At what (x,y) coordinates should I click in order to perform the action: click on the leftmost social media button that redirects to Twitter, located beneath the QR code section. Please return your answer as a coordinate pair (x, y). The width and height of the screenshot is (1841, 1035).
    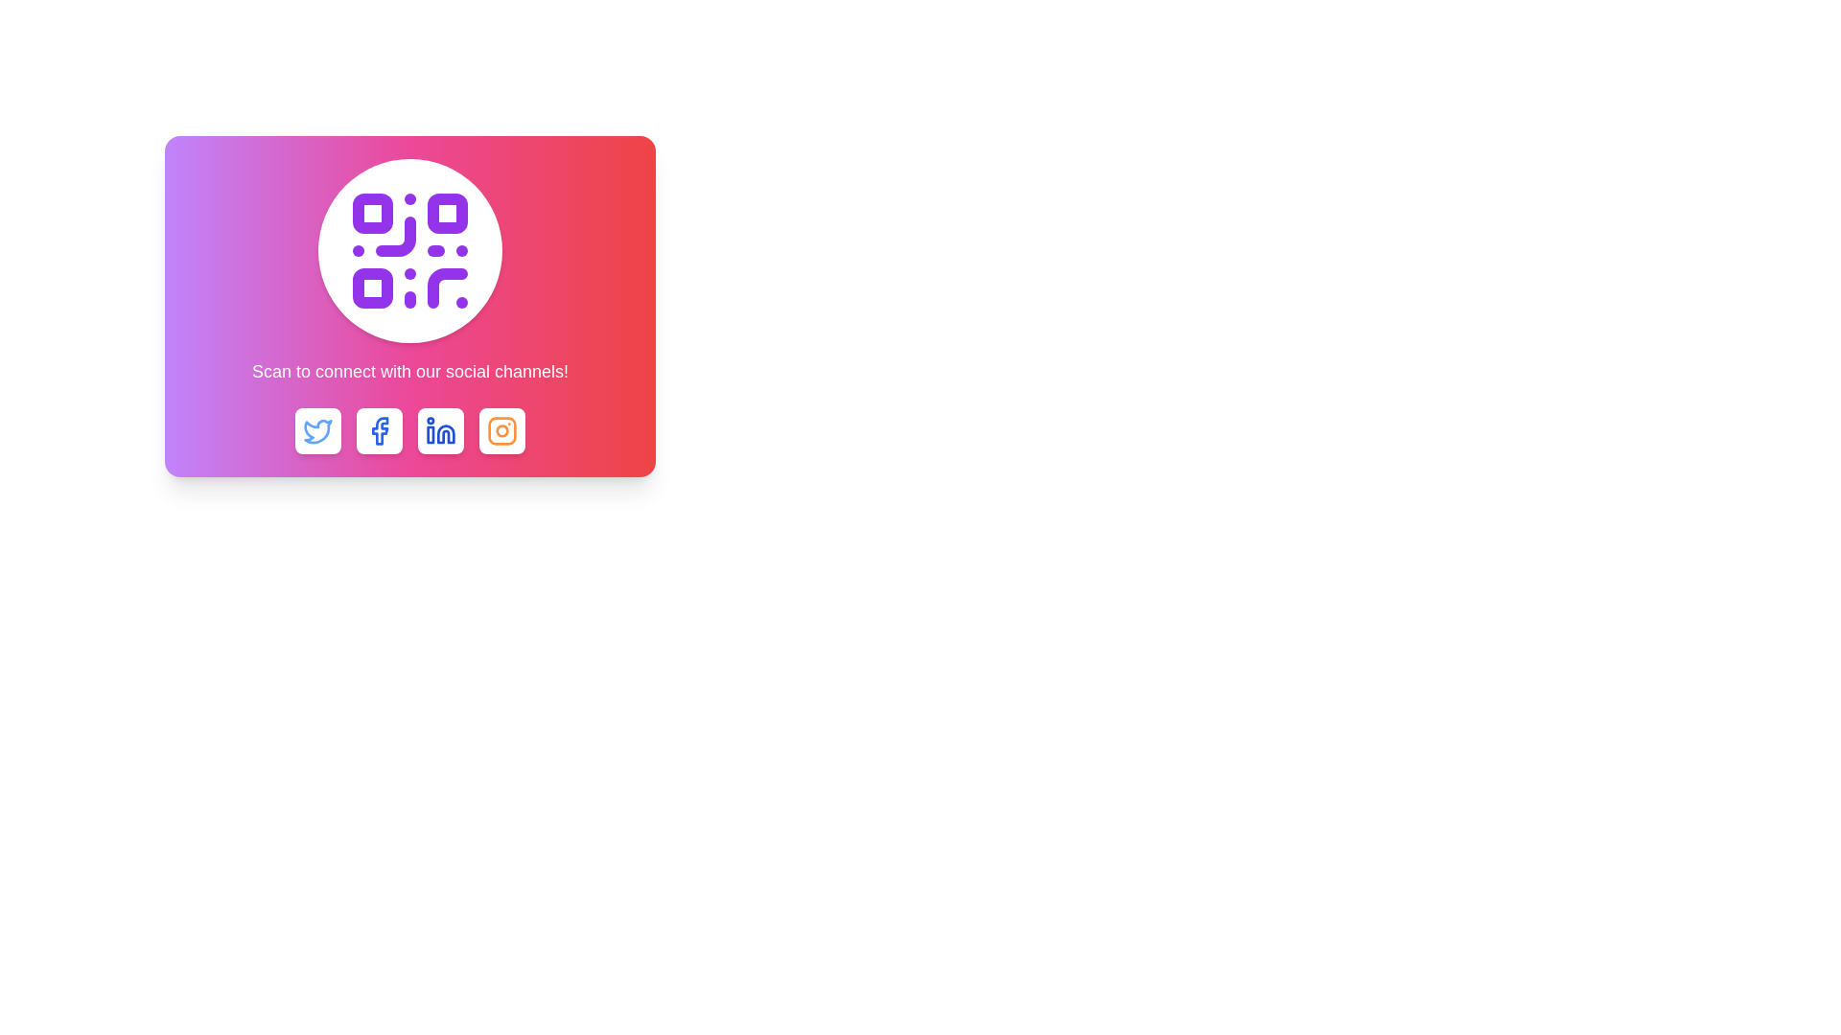
    Looking at the image, I should click on (317, 431).